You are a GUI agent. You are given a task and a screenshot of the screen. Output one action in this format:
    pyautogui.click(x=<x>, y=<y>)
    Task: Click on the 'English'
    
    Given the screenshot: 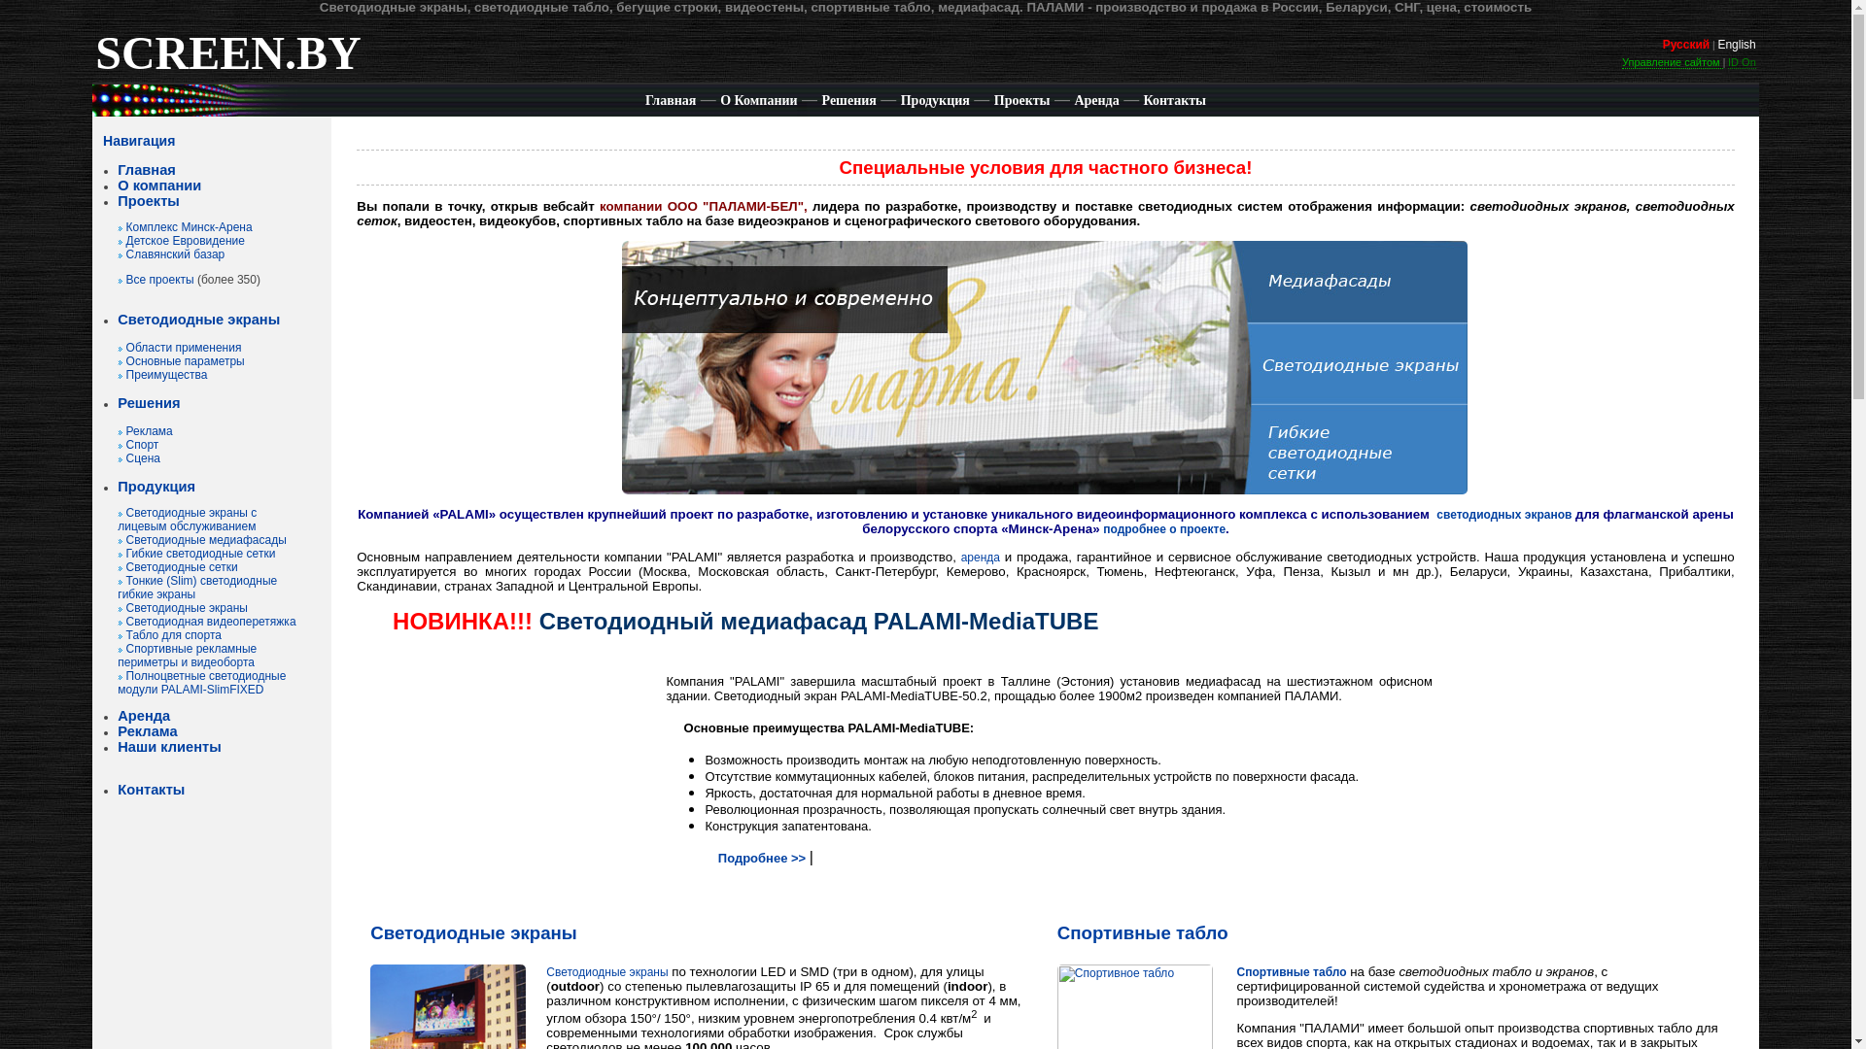 What is the action you would take?
    pyautogui.click(x=1736, y=44)
    